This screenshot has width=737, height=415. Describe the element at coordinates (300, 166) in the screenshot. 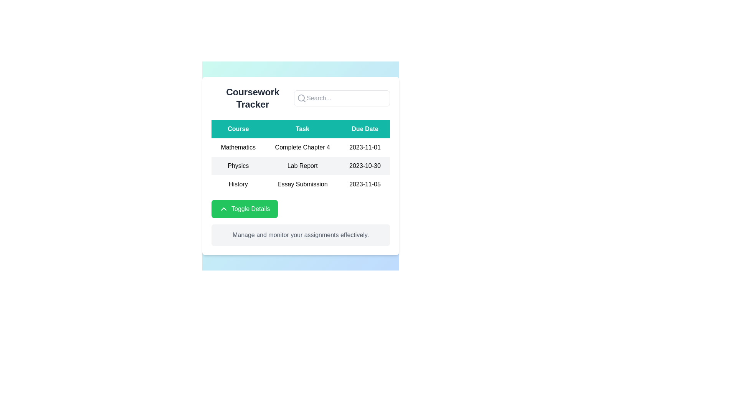

I see `the second row of the table that displays 'Physics', 'Lab Report', and '2023-10-30'` at that location.